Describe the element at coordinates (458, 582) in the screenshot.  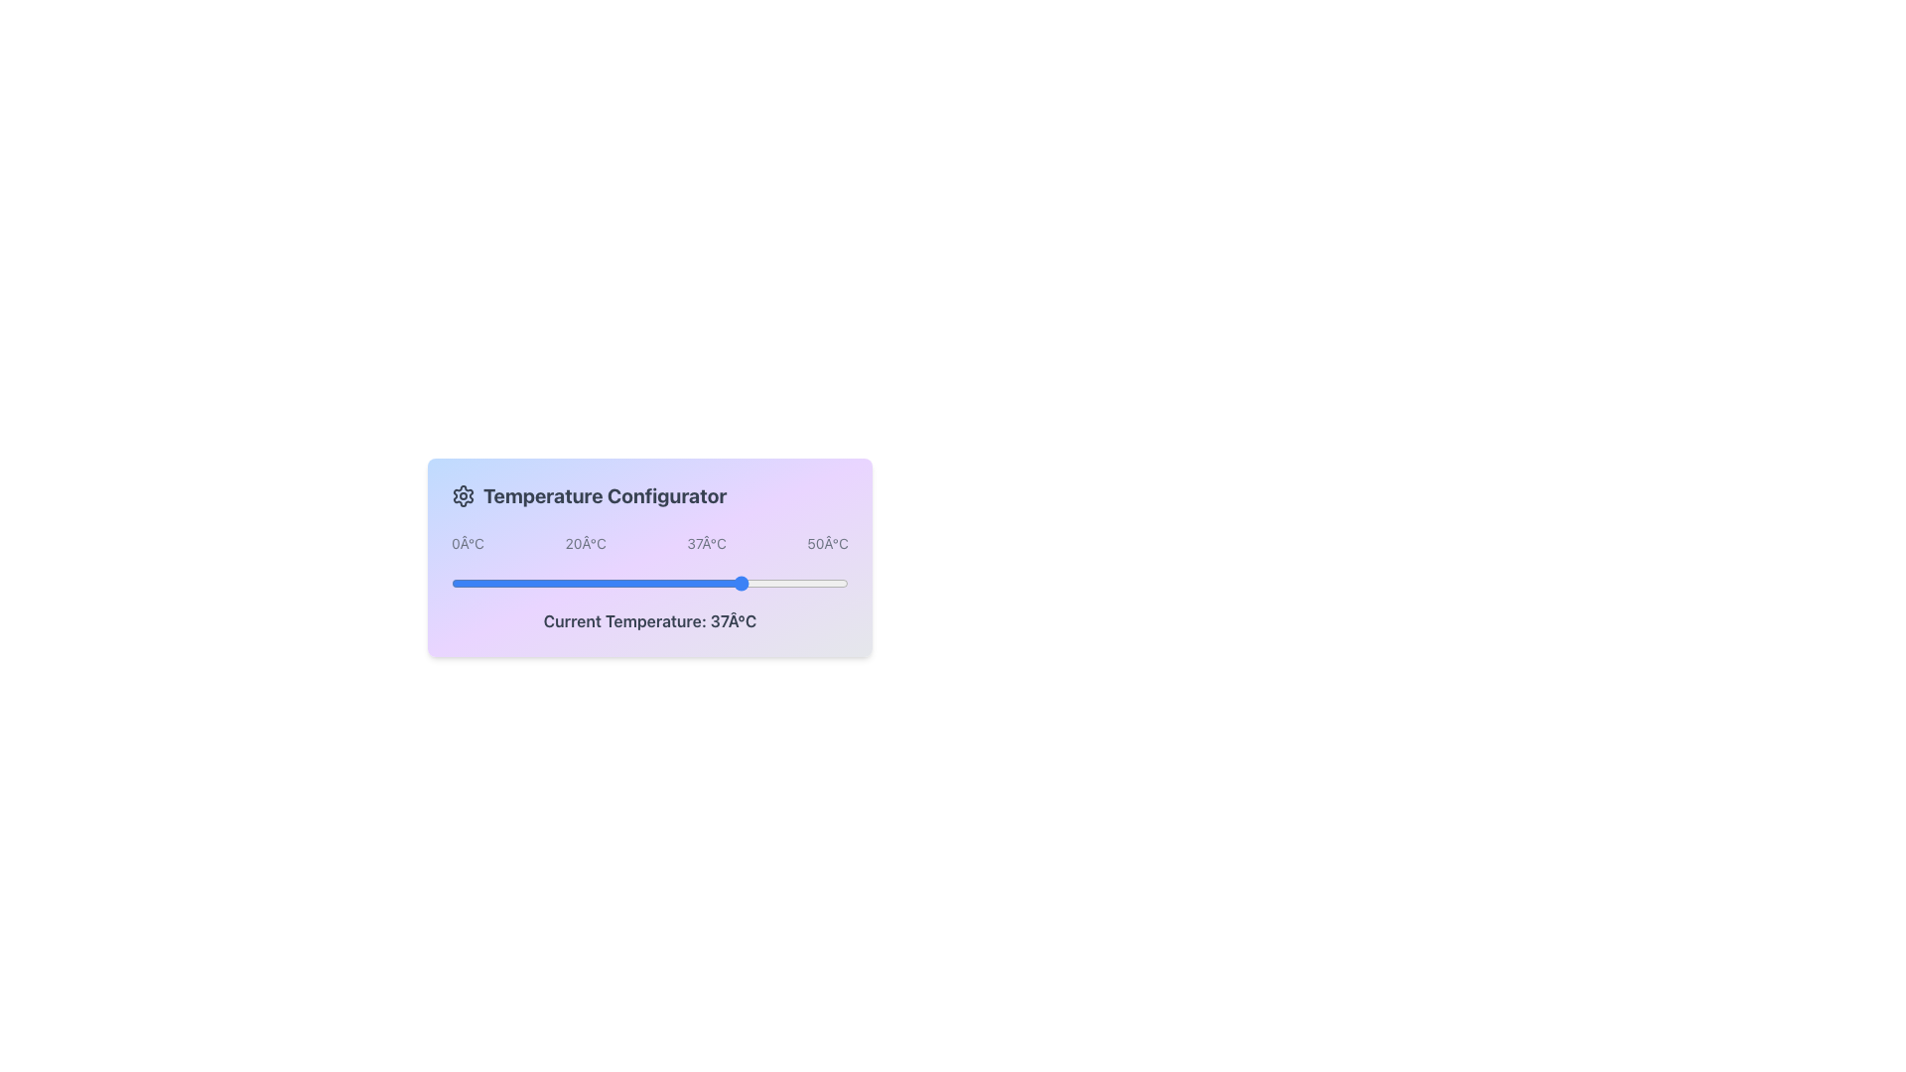
I see `the temperature` at that location.